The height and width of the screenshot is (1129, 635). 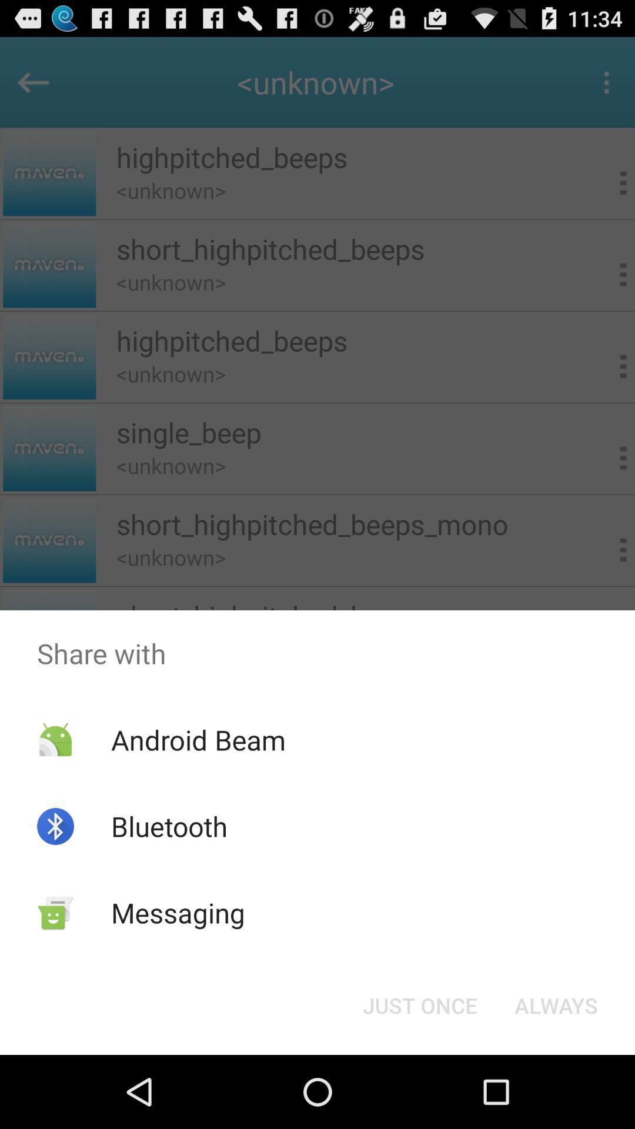 What do you see at coordinates (178, 912) in the screenshot?
I see `the messaging icon` at bounding box center [178, 912].